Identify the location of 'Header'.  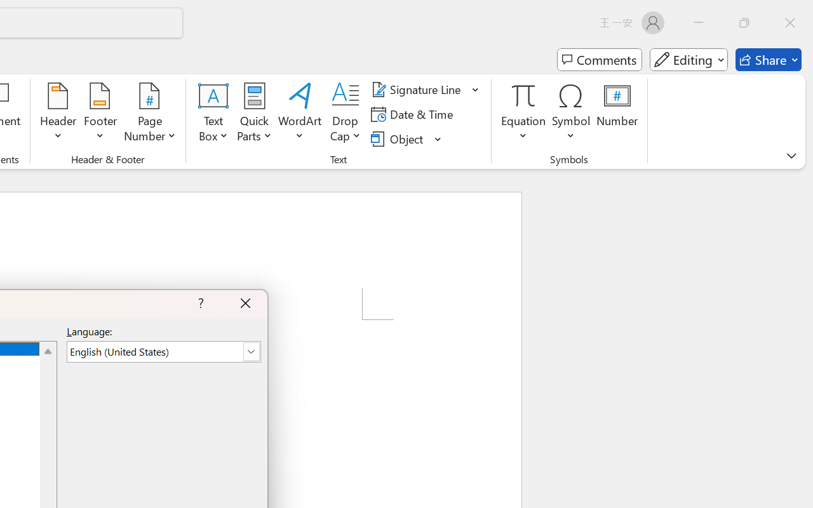
(58, 114).